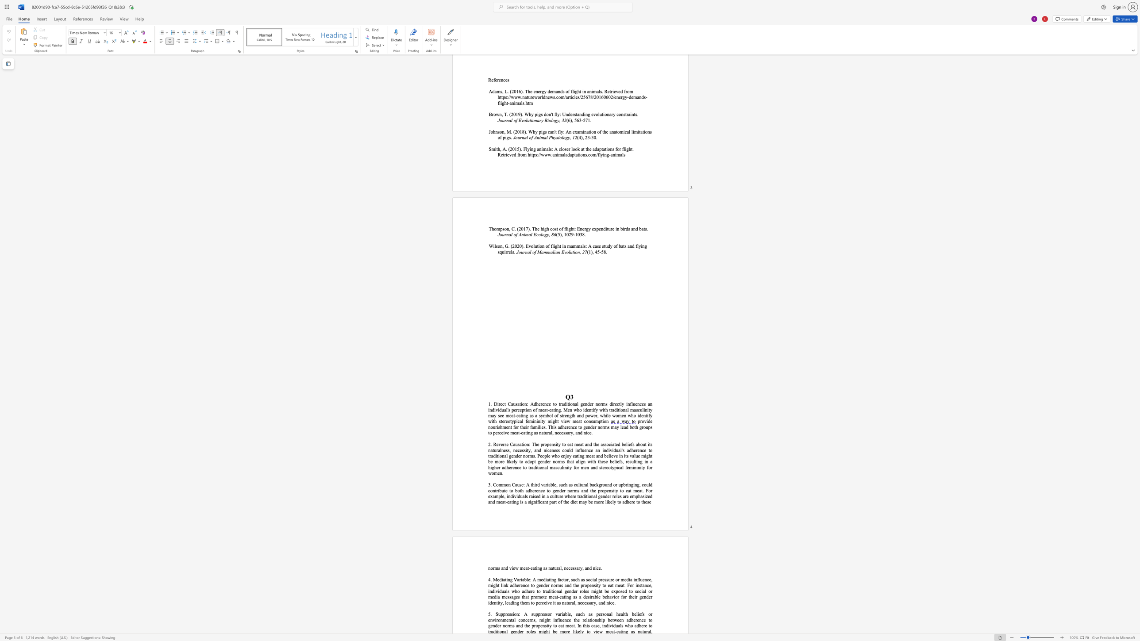 Image resolution: width=1140 pixels, height=641 pixels. I want to click on the subset text "omm" within the text "3. Common Caus", so click(496, 484).